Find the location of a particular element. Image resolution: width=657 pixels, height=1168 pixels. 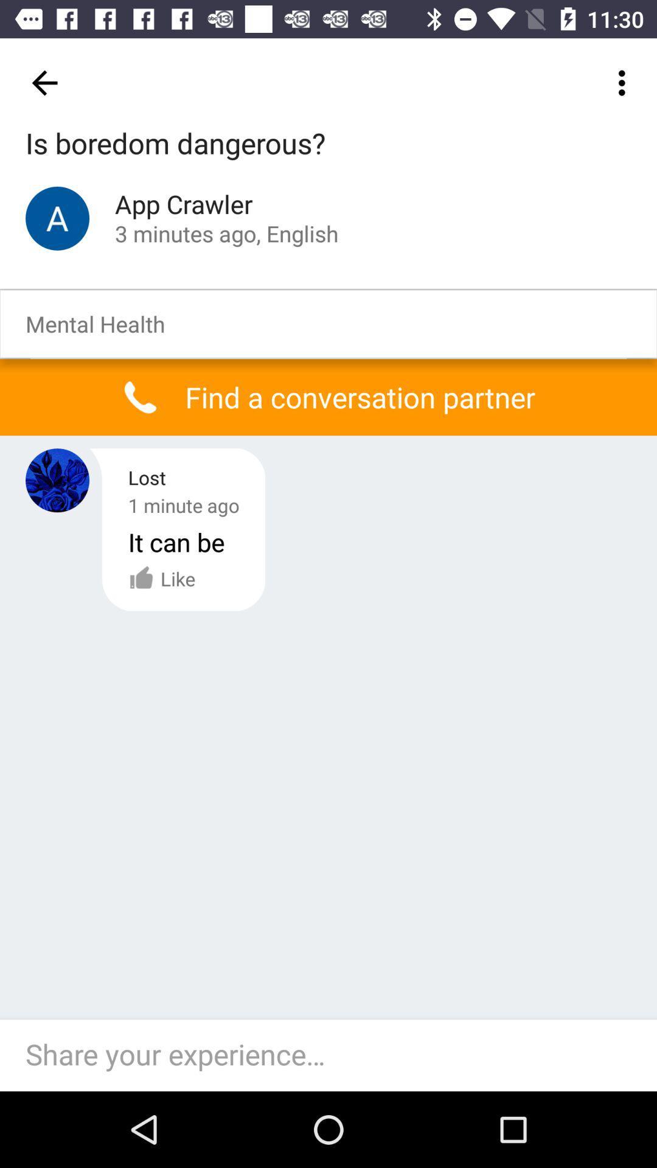

profile picture is located at coordinates (57, 479).